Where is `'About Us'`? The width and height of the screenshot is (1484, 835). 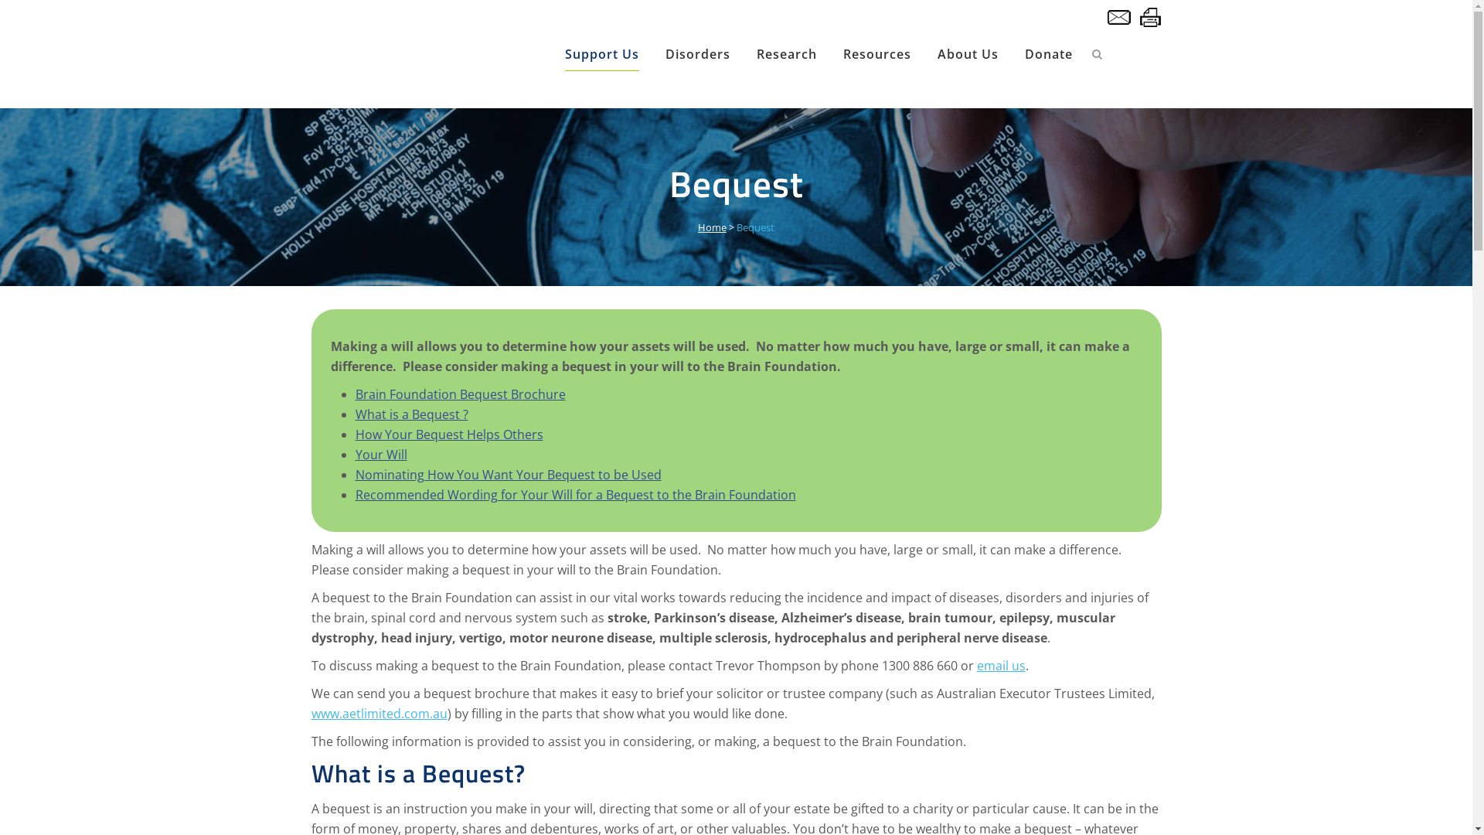 'About Us' is located at coordinates (967, 53).